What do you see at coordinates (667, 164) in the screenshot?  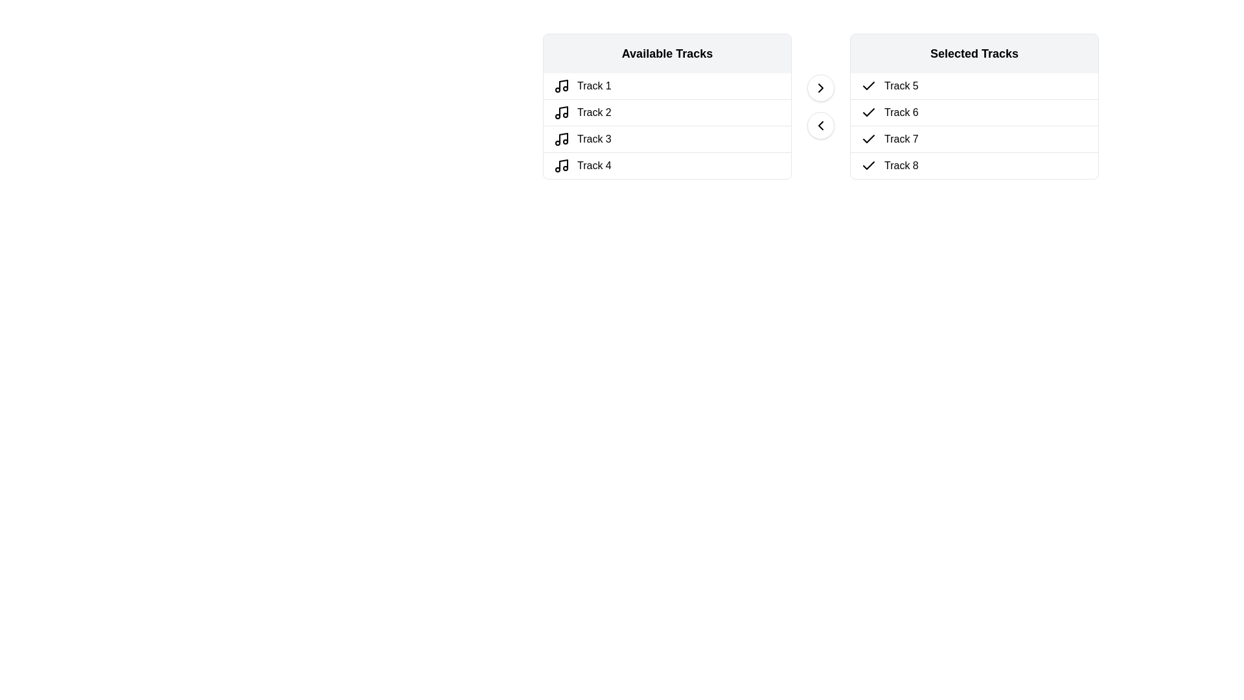 I see `the fourth list item in the 'Available Tracks' section` at bounding box center [667, 164].